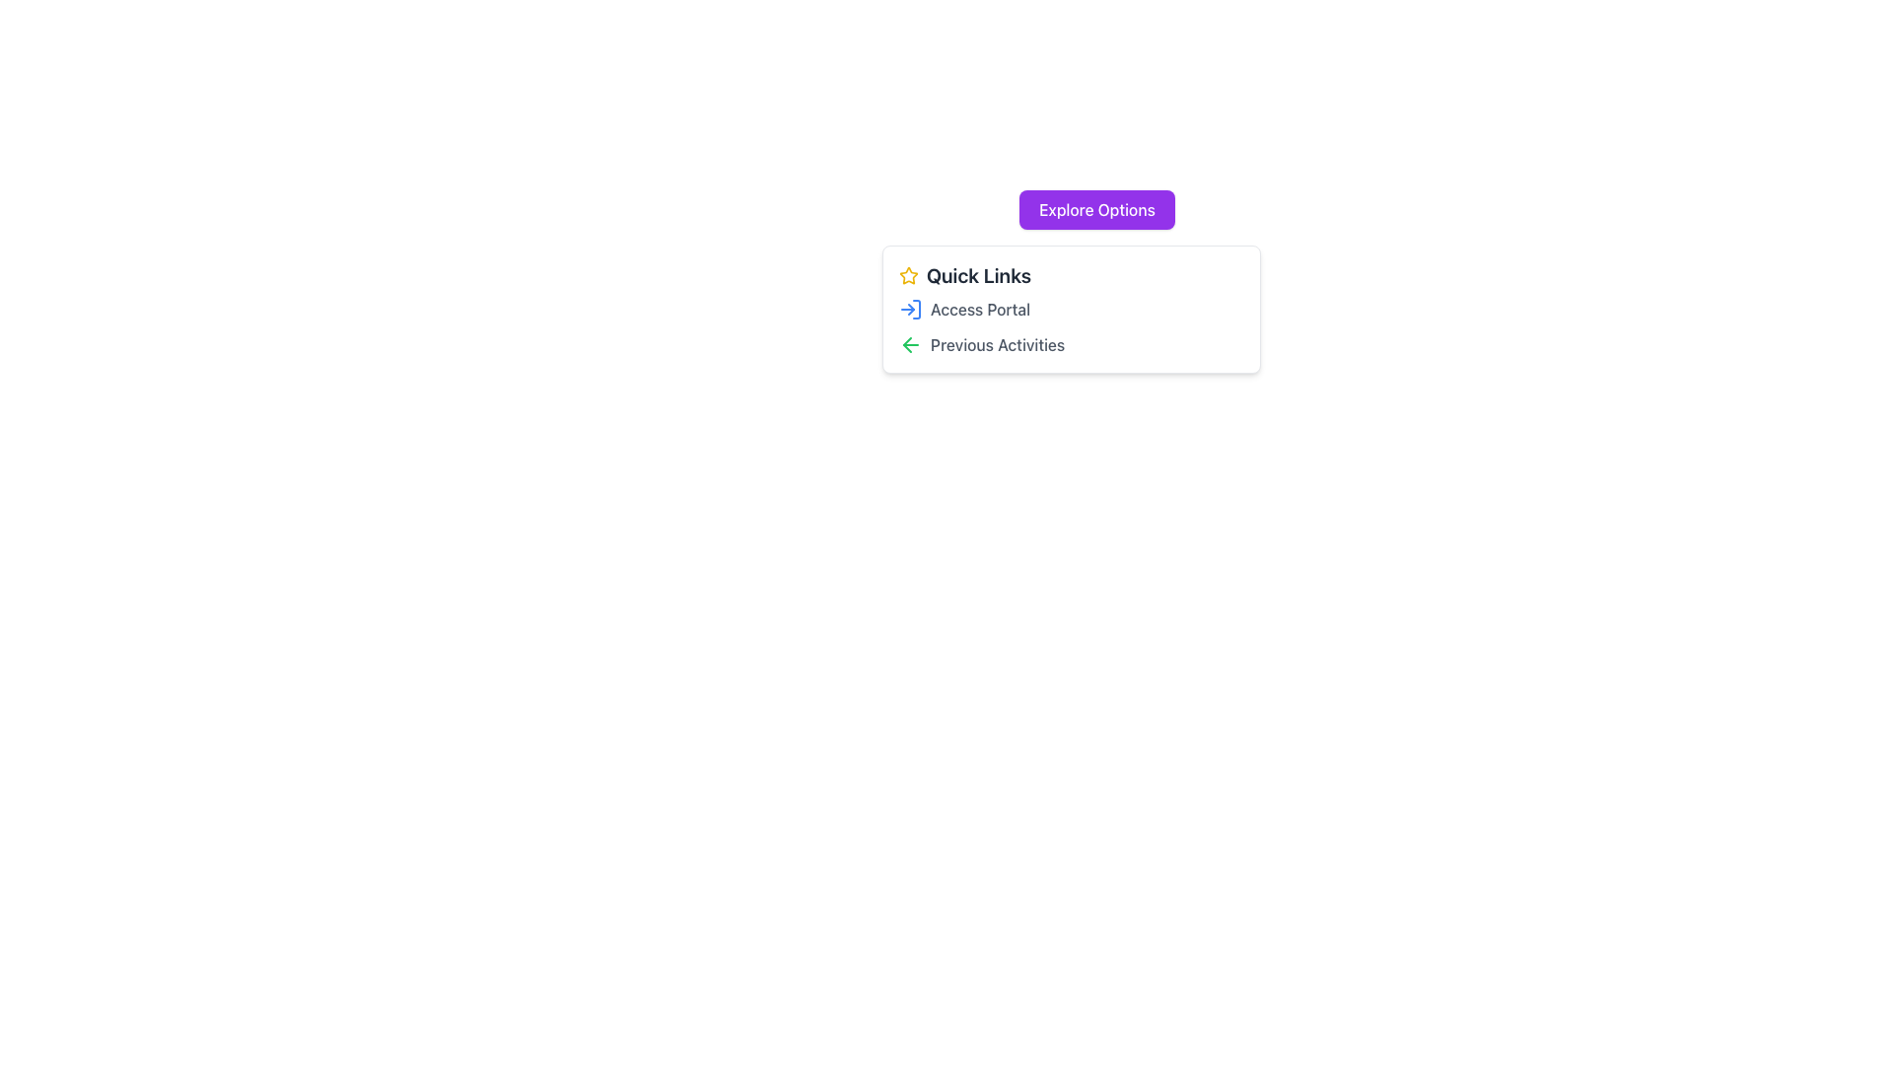  I want to click on the blue rightward arrow icon located in the 'Access Portal' section under the Quick Links group, which is positioned to the left of the text 'Access Portal', so click(910, 309).